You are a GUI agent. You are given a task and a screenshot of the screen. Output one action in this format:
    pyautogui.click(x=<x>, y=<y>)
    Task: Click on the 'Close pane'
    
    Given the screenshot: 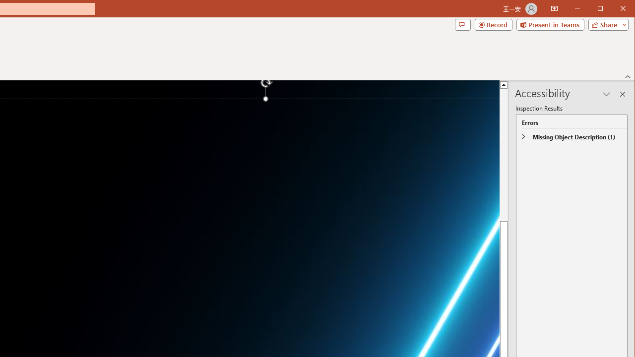 What is the action you would take?
    pyautogui.click(x=622, y=94)
    